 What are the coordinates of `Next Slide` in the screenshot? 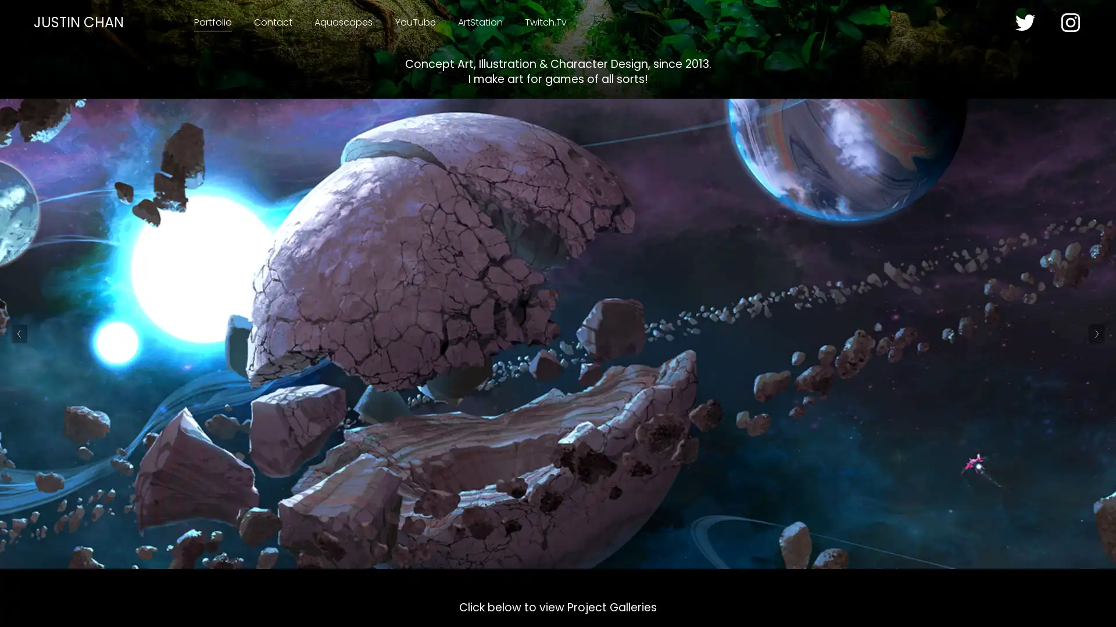 It's located at (1096, 333).